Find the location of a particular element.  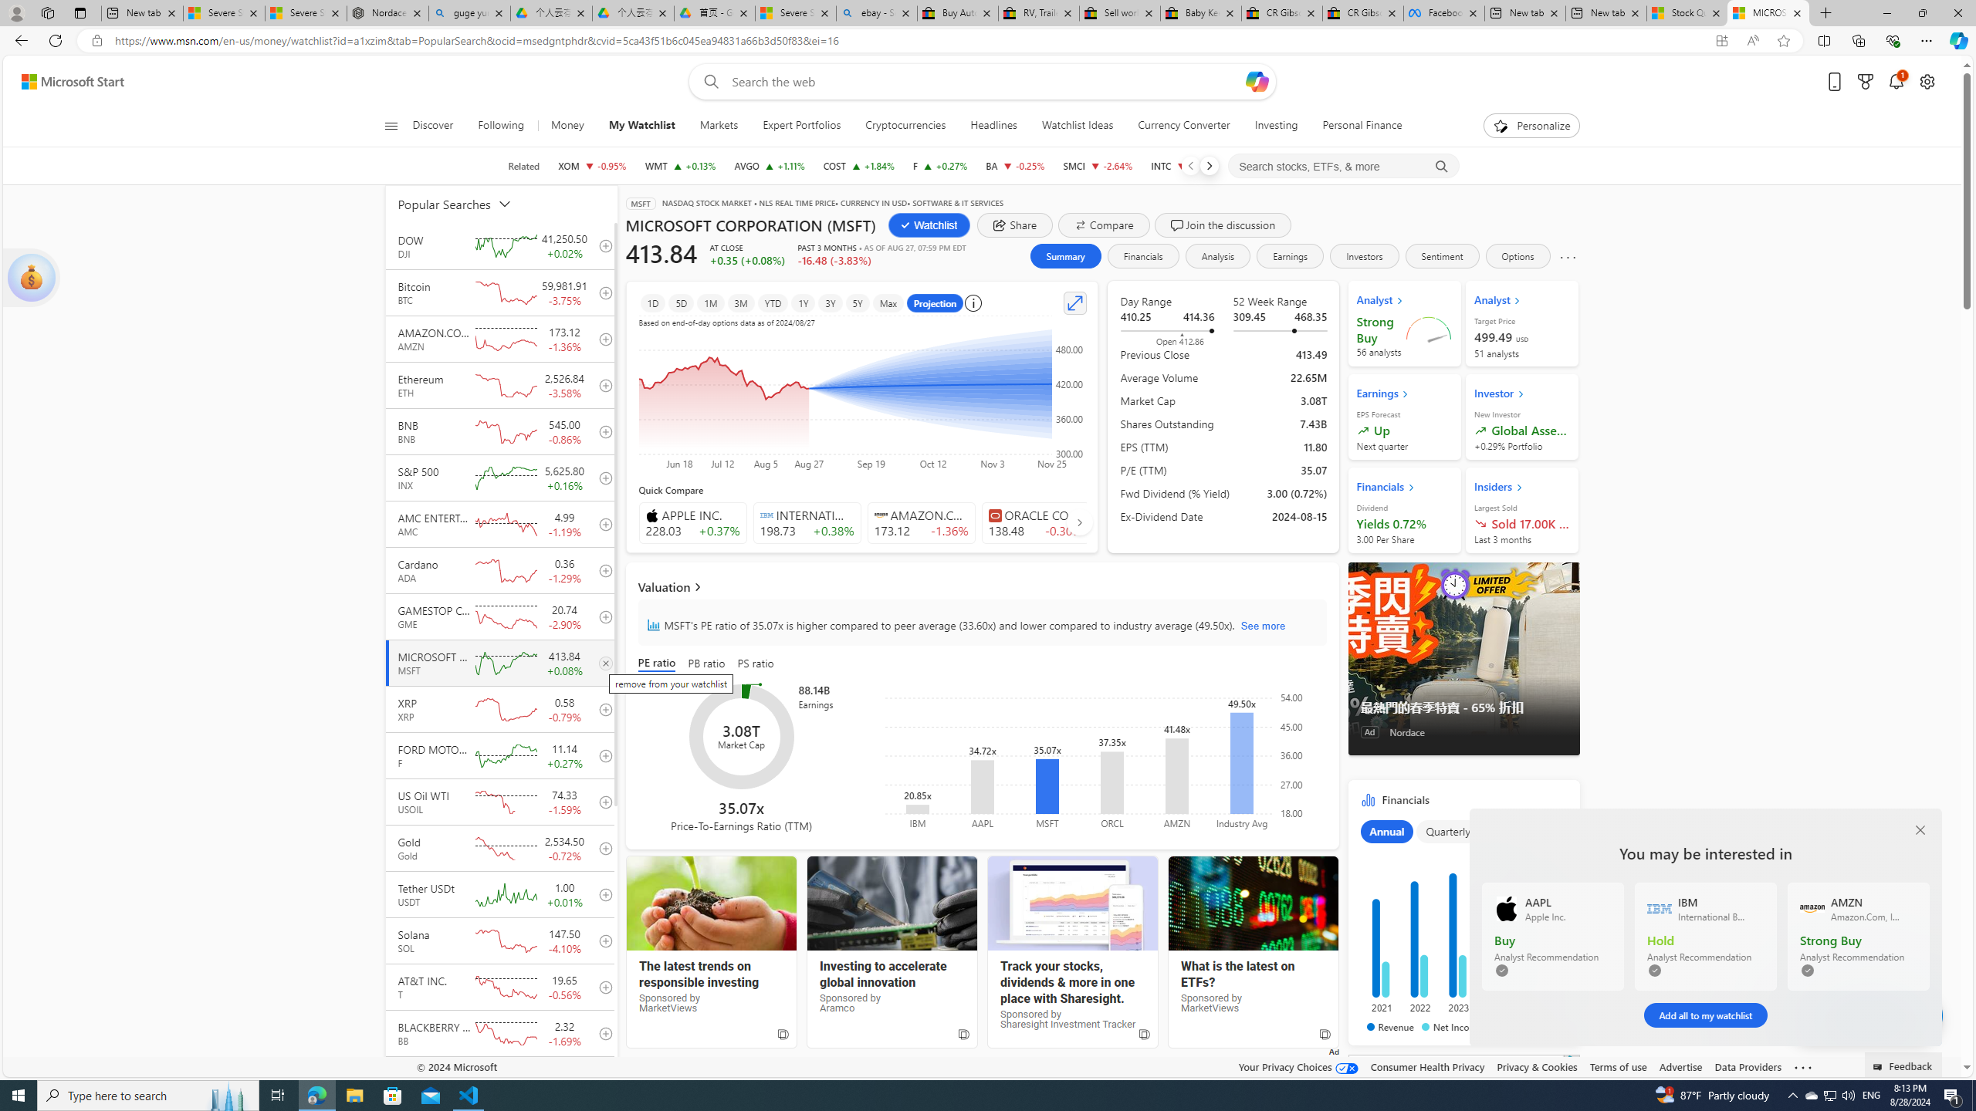

'Watchlist Ideas' is located at coordinates (1077, 125).